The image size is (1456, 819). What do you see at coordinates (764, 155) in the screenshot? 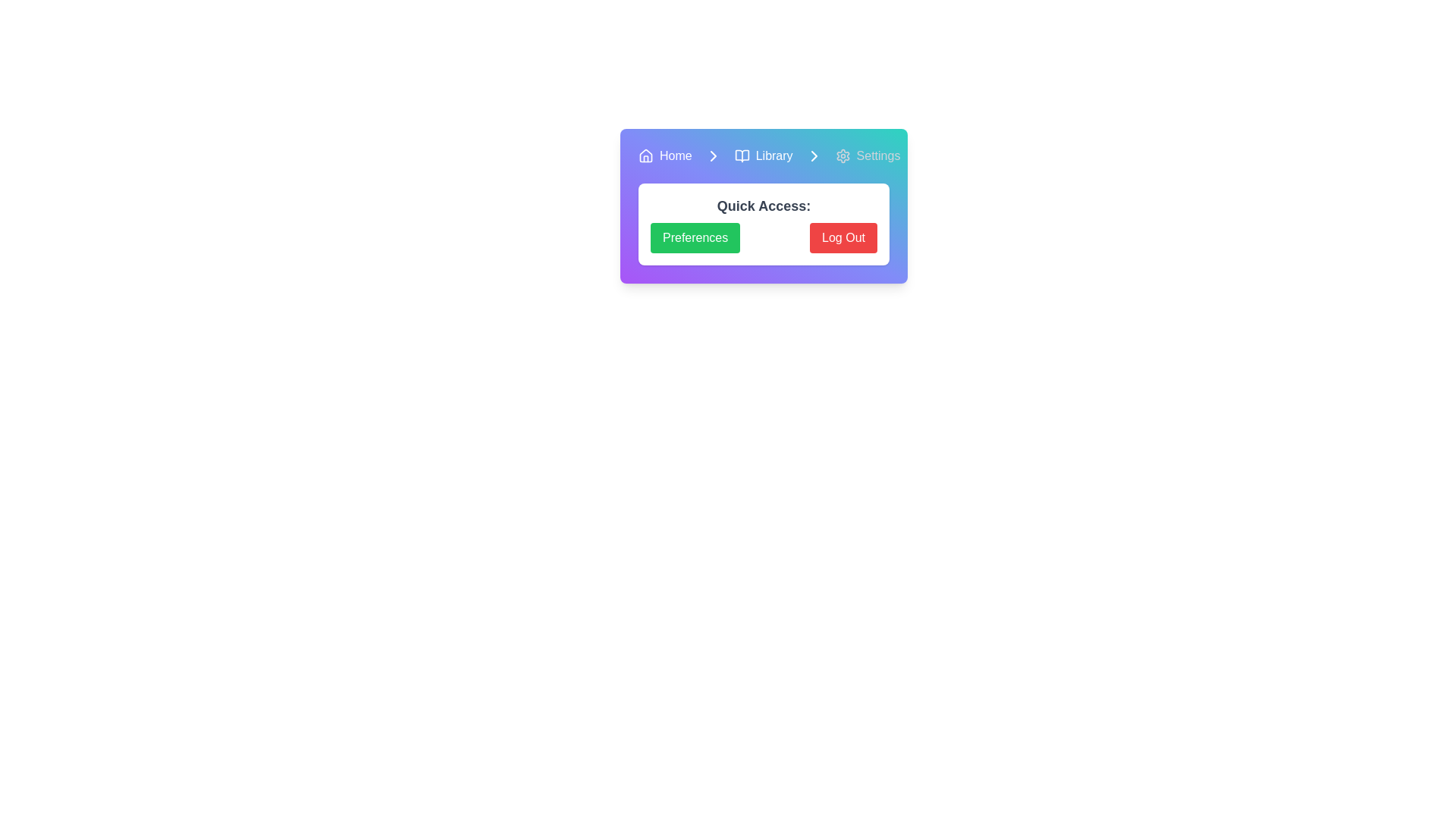
I see `the 'Library' navigation link, which is the second element in the top-center navigation layout, located between 'Home' and 'Settings'` at bounding box center [764, 155].